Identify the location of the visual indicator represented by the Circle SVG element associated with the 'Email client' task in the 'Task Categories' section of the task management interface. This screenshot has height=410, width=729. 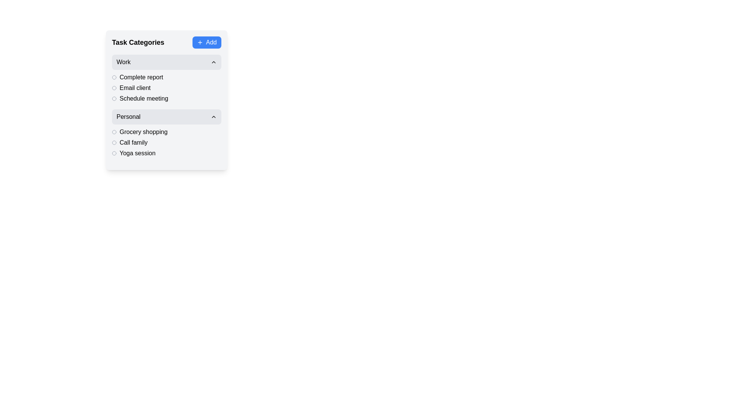
(114, 87).